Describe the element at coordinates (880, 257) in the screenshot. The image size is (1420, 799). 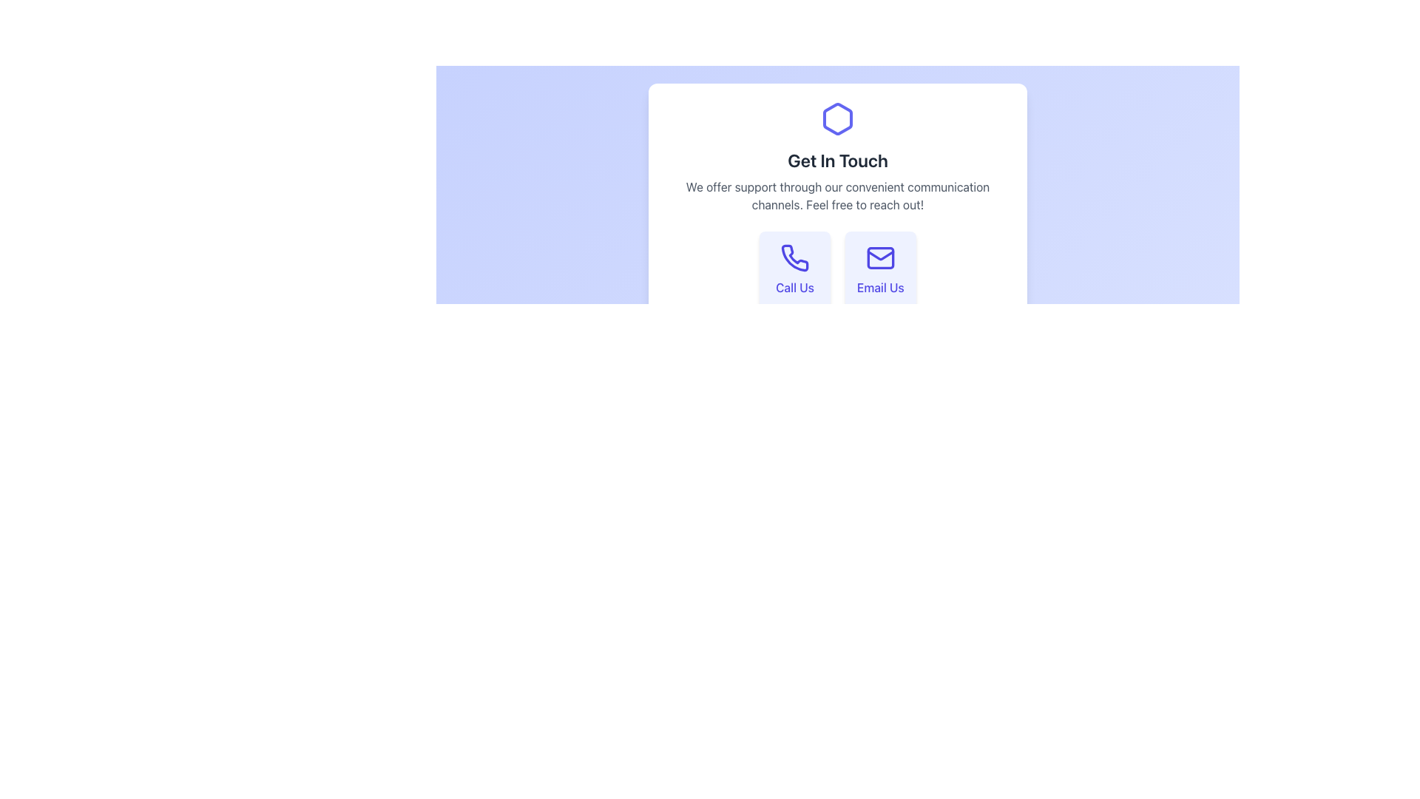
I see `the envelope icon with a purple border located in the 'Email Us' button, which is the second option in a horizontal arrangement` at that location.